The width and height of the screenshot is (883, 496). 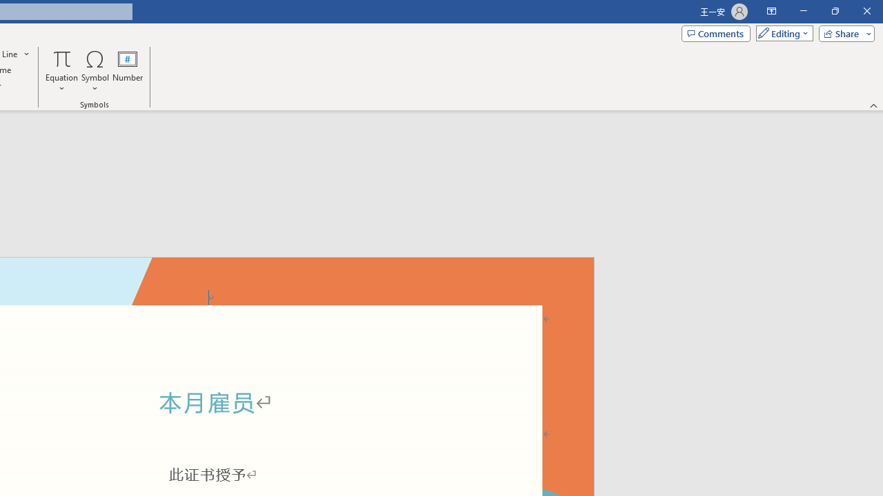 What do you see at coordinates (782, 32) in the screenshot?
I see `'Mode'` at bounding box center [782, 32].